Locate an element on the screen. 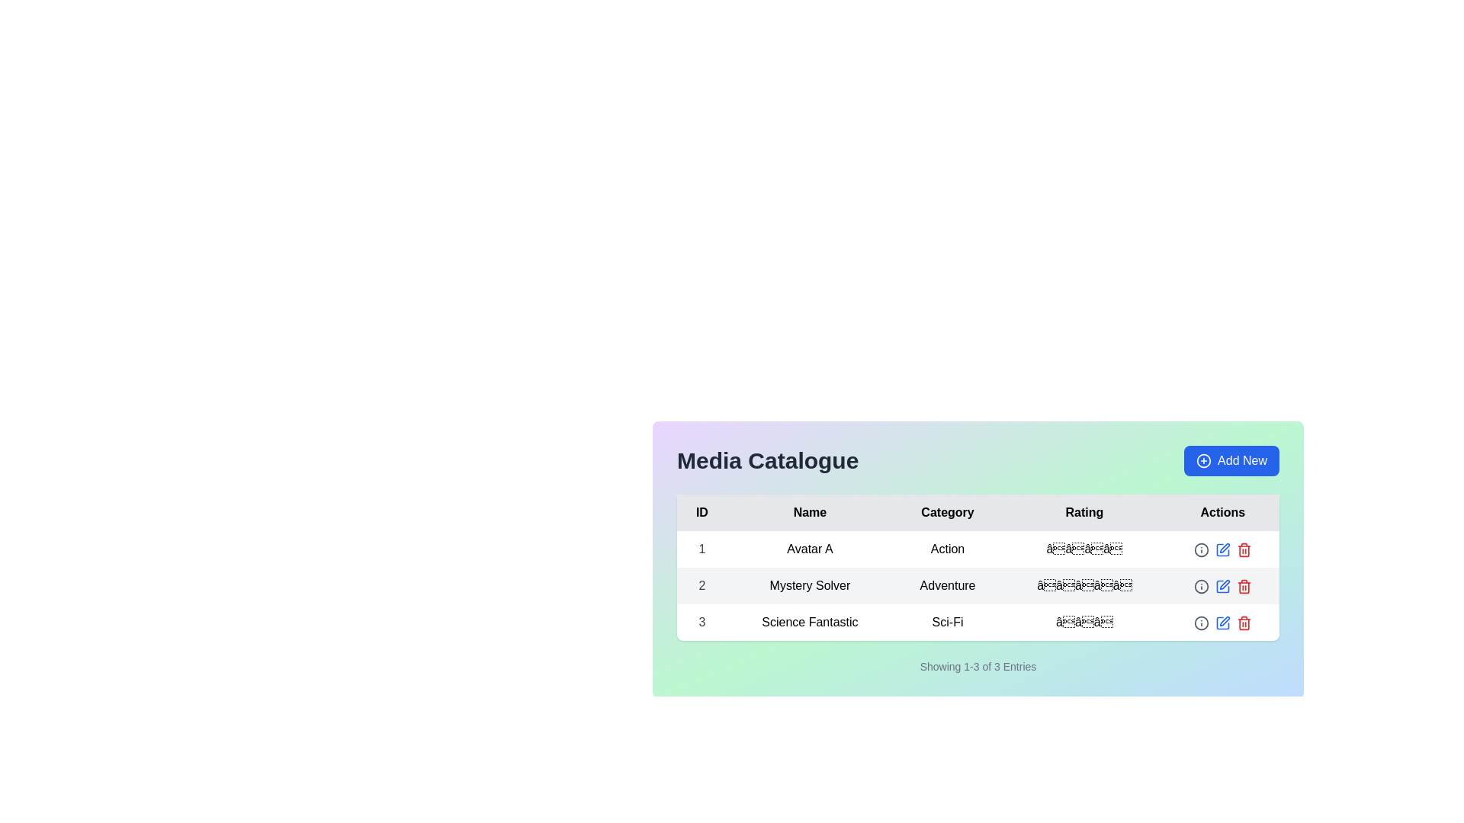 The image size is (1464, 823). the graphical circle component located in the 'Actions' column of the table for the 'Sci-Fi' category entry, which conveys information as part of an icon is located at coordinates (1200, 585).